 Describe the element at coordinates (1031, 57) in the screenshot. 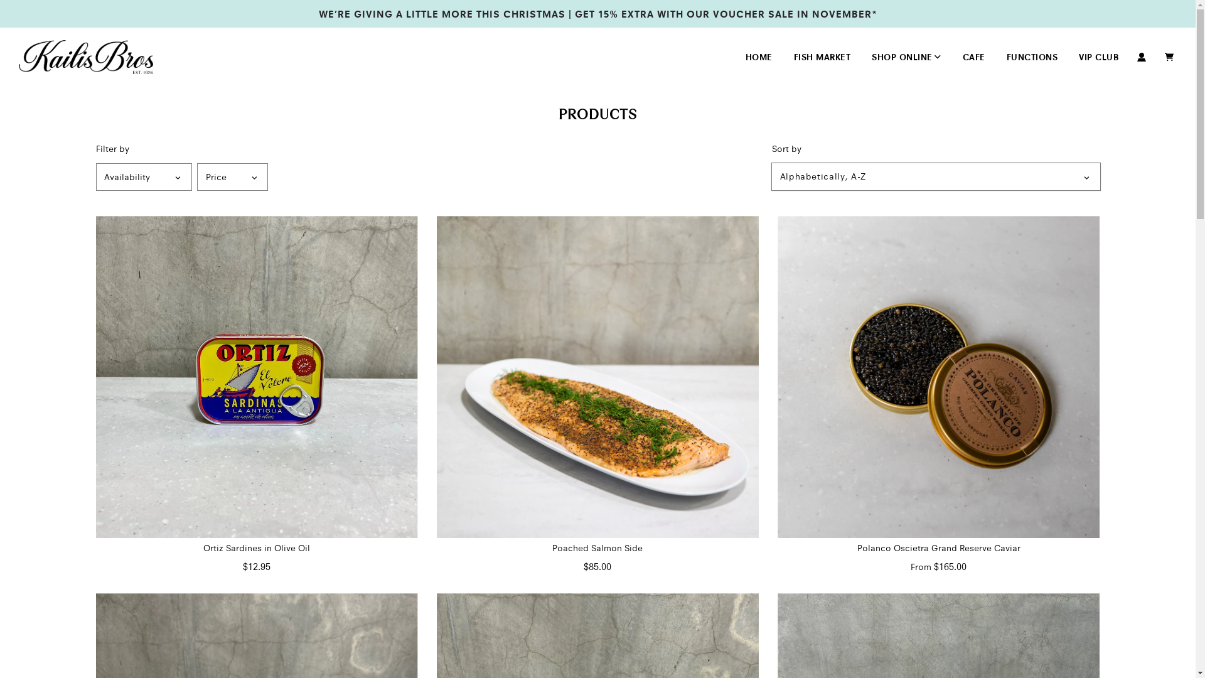

I see `'FUNCTIONS'` at that location.